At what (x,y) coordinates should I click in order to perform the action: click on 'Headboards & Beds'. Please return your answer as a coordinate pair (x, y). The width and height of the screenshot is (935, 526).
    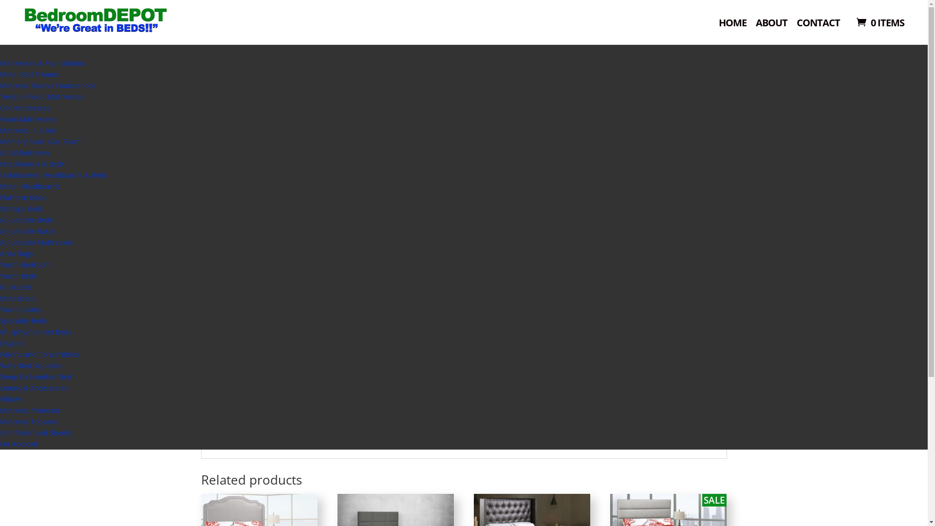
    Looking at the image, I should click on (32, 163).